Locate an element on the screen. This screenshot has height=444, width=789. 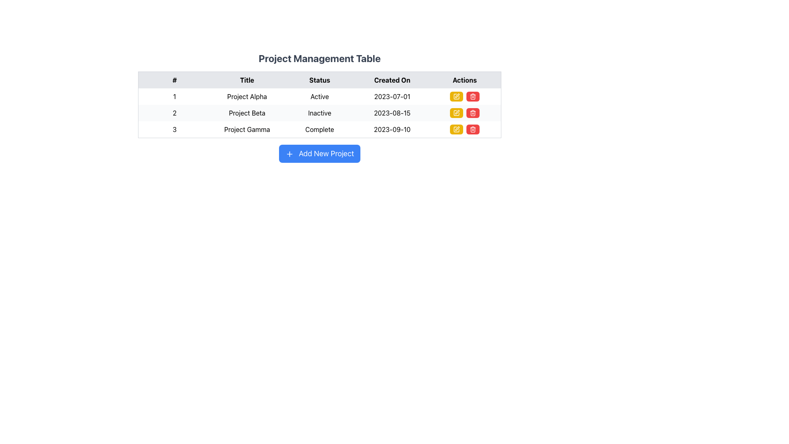
the small text block displaying the number '1' located in the first cell of the first row under the '#' header of a table, which is part of the row containing details about 'Project Alpha' is located at coordinates (174, 96).